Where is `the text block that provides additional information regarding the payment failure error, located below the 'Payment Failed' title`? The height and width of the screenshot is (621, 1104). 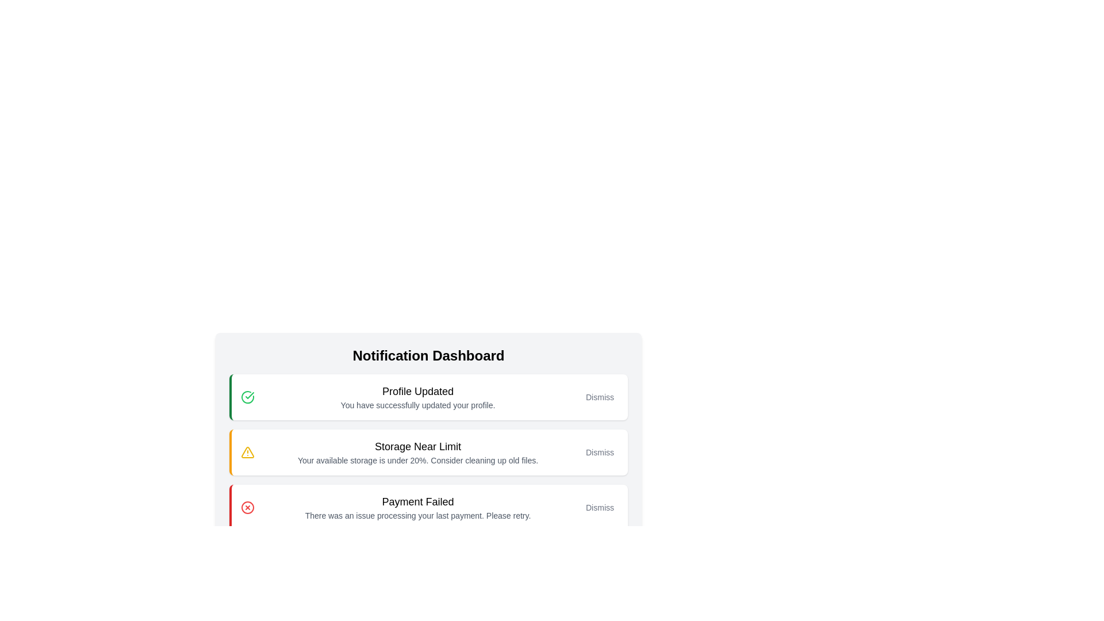
the text block that provides additional information regarding the payment failure error, located below the 'Payment Failed' title is located at coordinates (417, 515).